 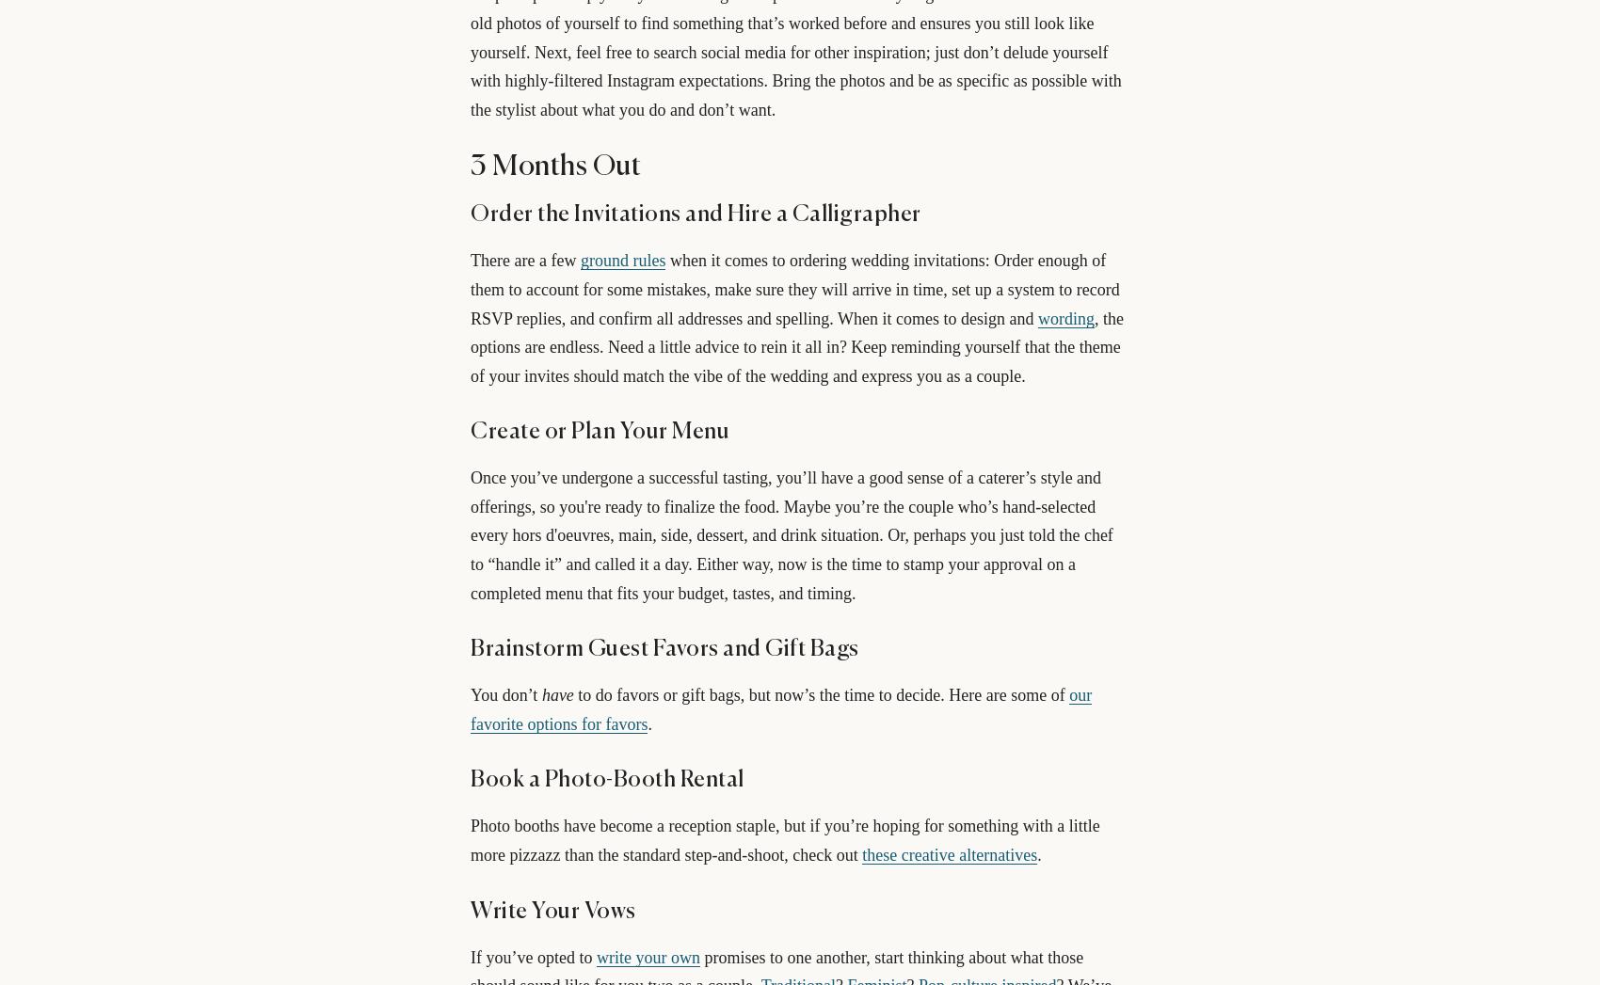 What do you see at coordinates (948, 855) in the screenshot?
I see `'these creative alternatives'` at bounding box center [948, 855].